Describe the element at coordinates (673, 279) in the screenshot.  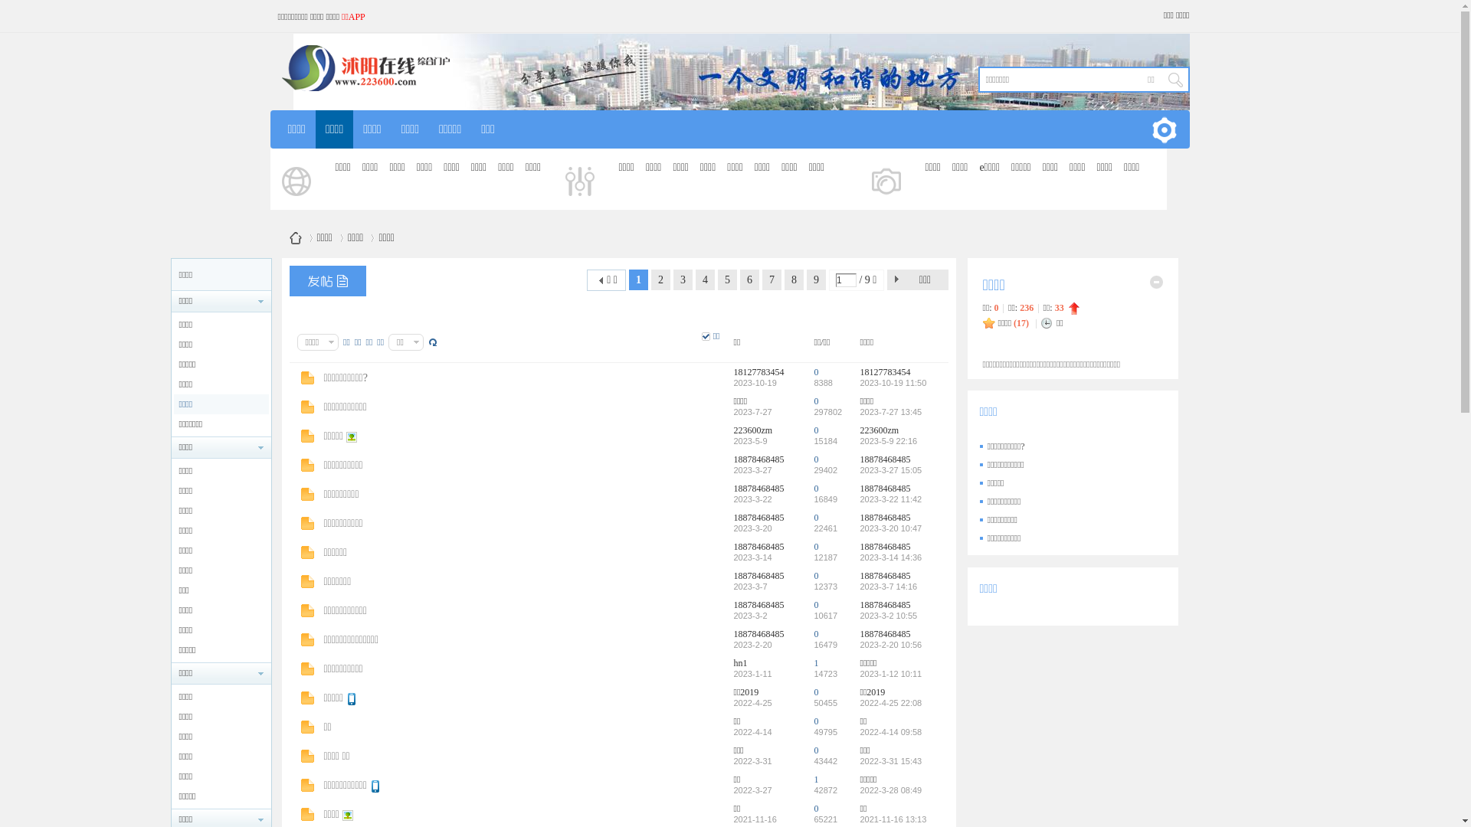
I see `'3'` at that location.